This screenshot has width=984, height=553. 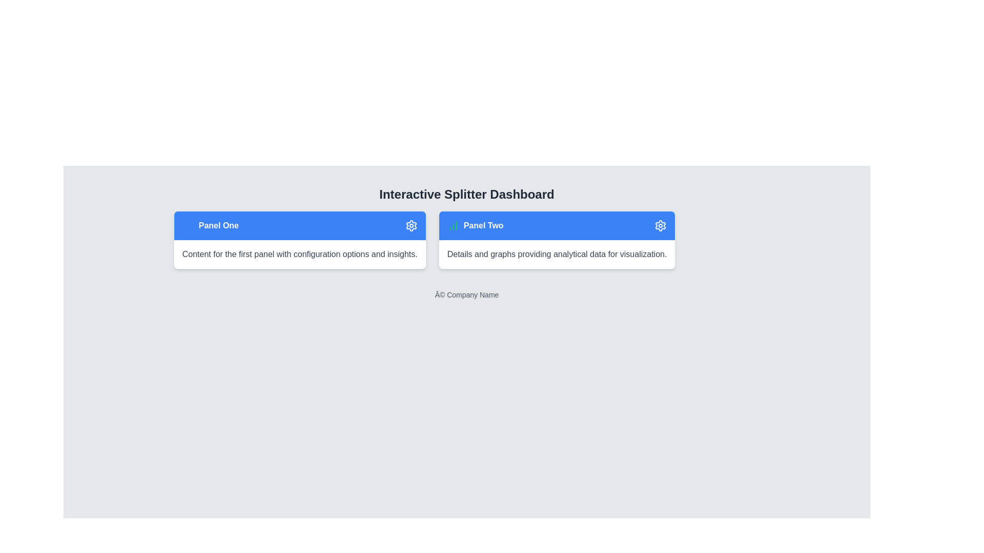 I want to click on text content from the descriptive text area located beneath the title 'Panel One' in the first panel, so click(x=299, y=254).